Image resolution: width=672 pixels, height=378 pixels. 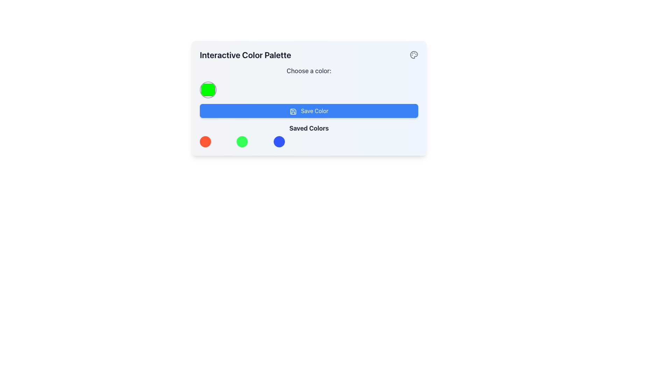 I want to click on the second circular Color indicator with a bright green fill in the 'Saved Colors' section by clicking on it, so click(x=242, y=142).